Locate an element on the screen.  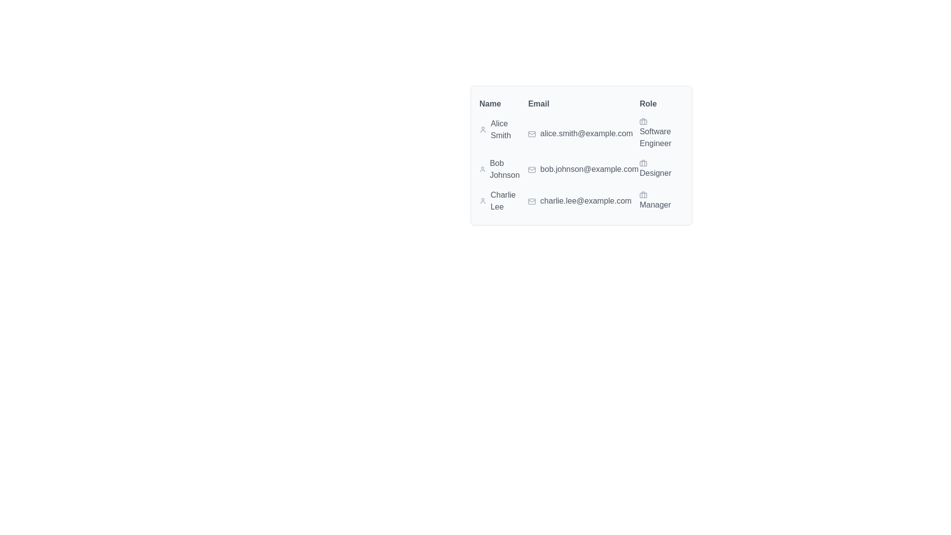
the small mail envelope icon located inside the 'Email' column next to the email address 'bob.johnson@example.com', which is part of the user table row for 'Bob Johnson' is located at coordinates (531, 169).